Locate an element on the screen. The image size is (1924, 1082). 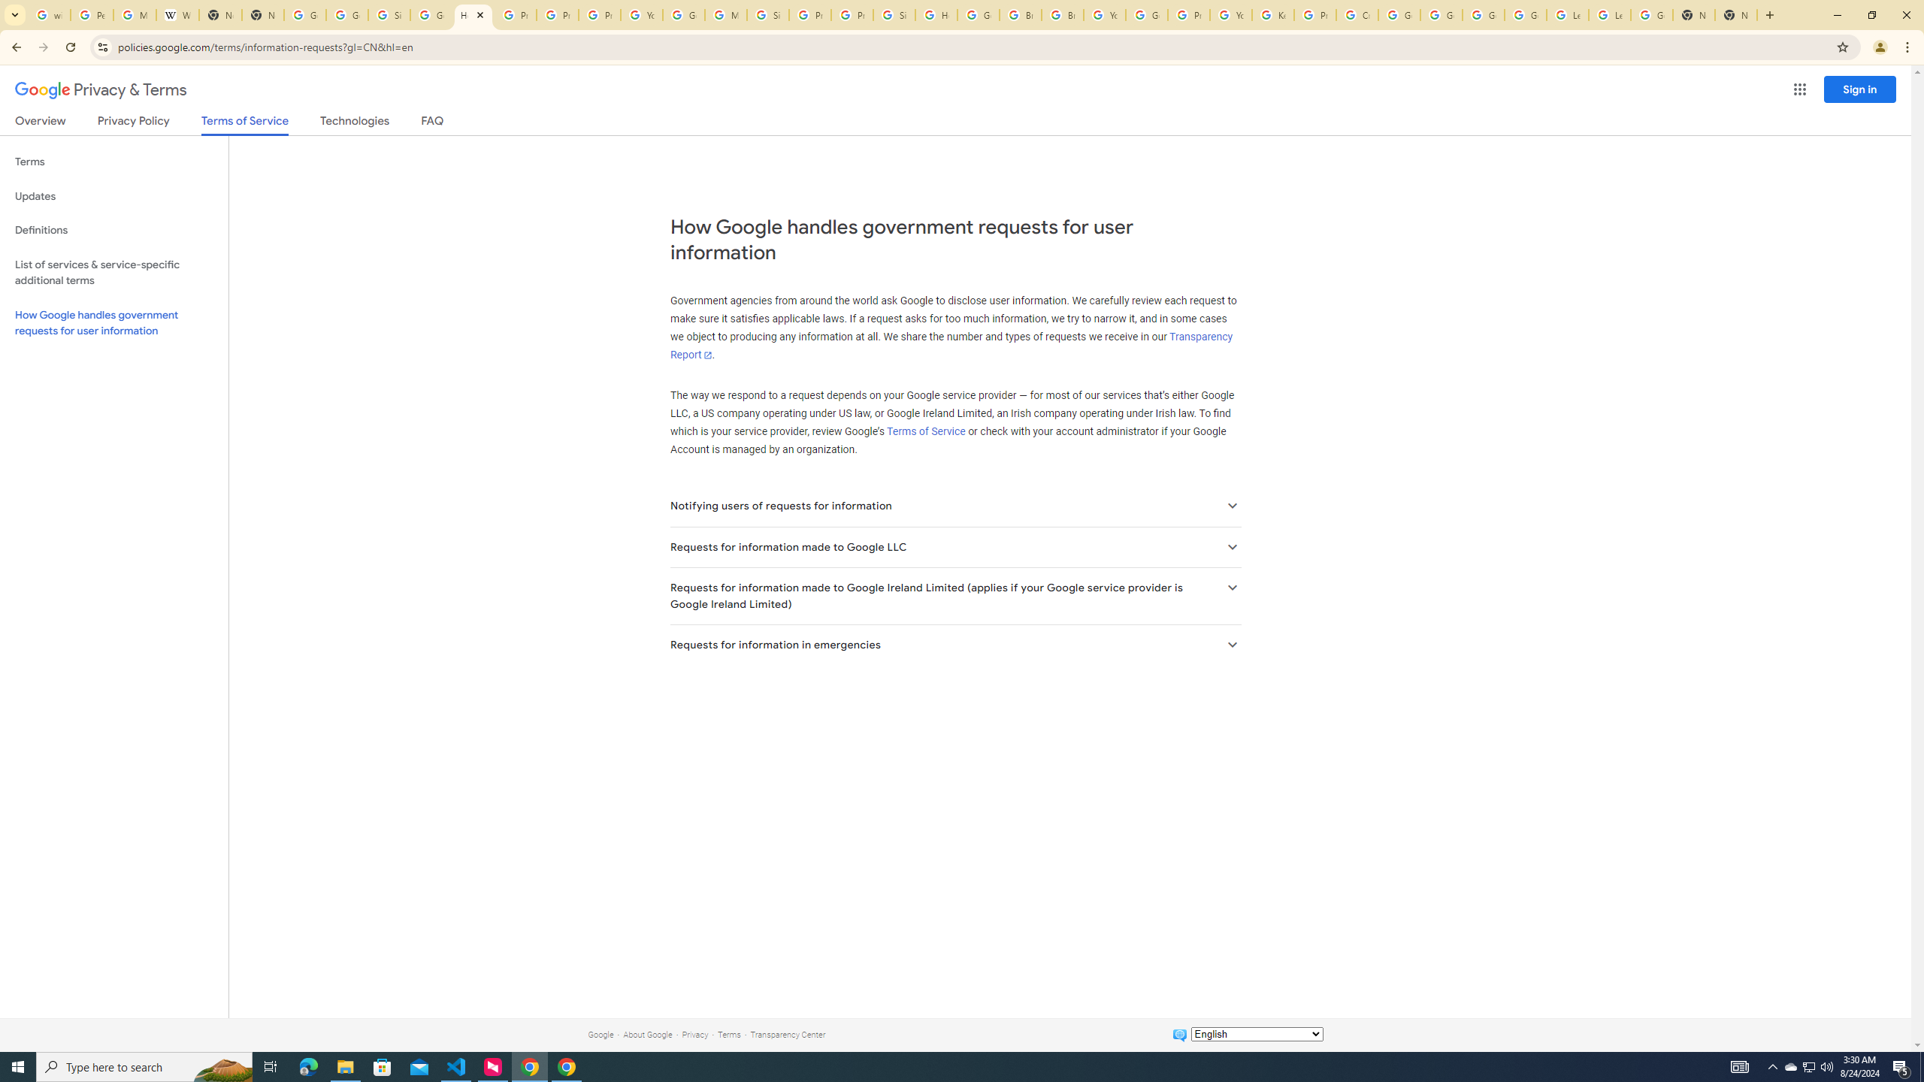
'Google Account Help' is located at coordinates (1399, 14).